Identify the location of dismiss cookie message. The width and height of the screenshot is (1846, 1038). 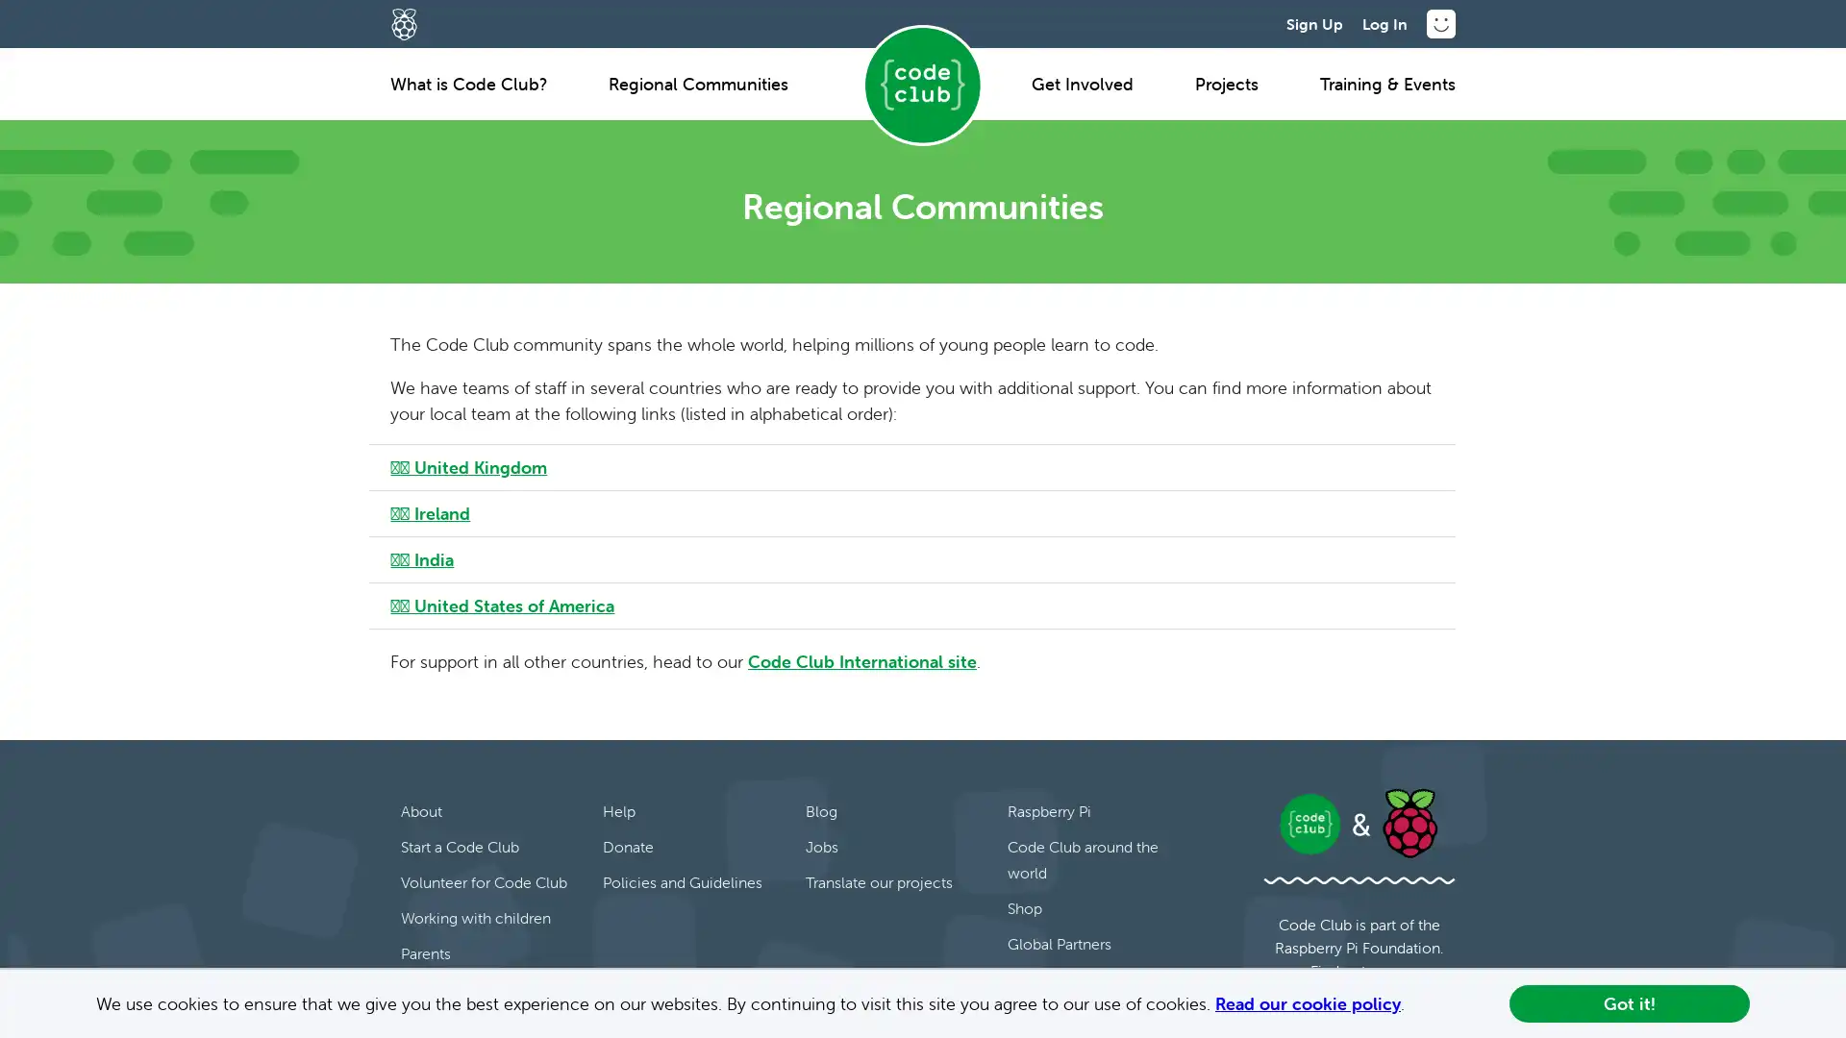
(1628, 1002).